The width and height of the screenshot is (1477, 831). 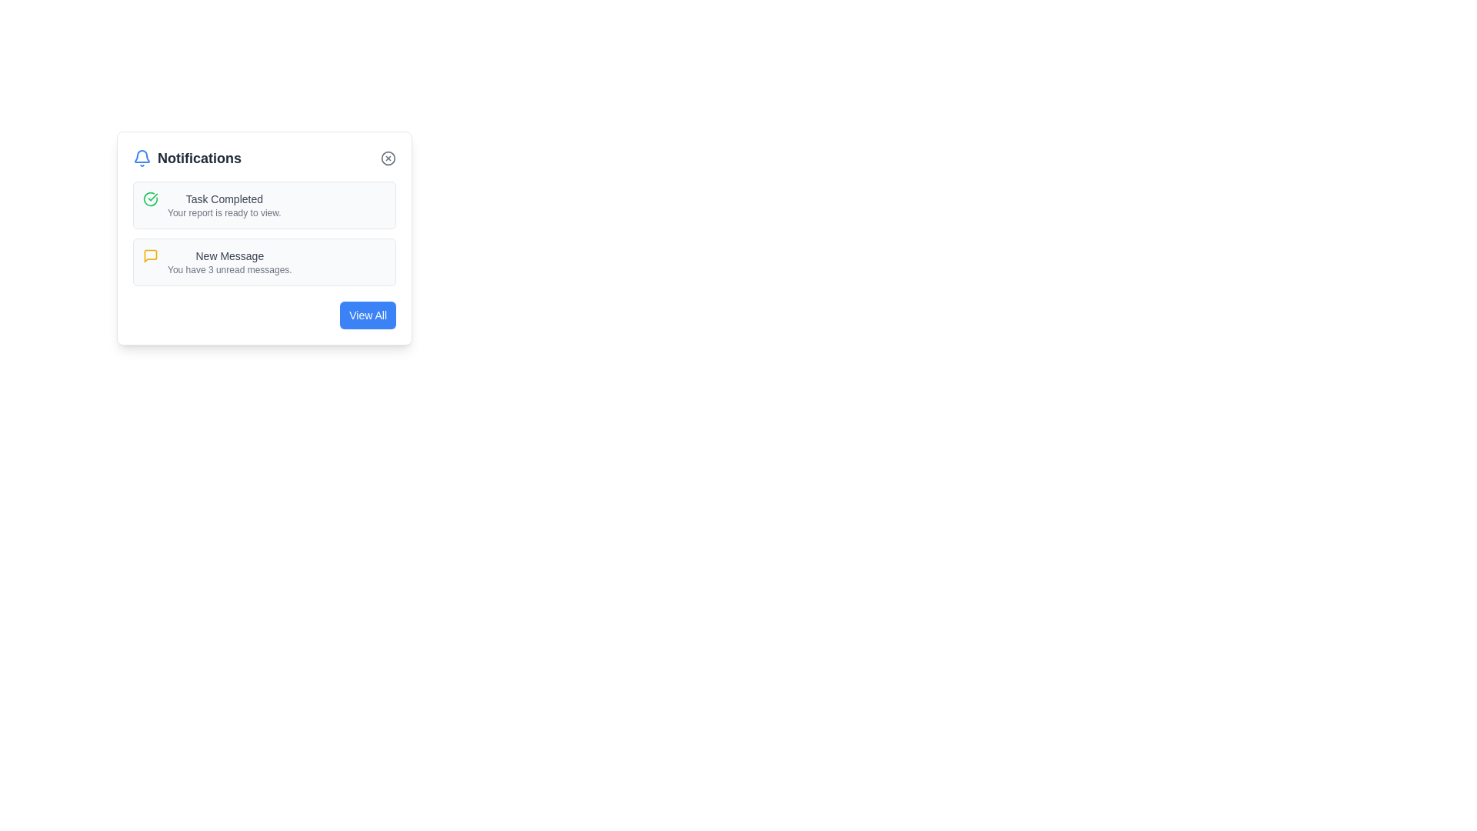 I want to click on the circular icon with a central cross symbol located in the notification modal at the top-right corner, so click(x=388, y=158).